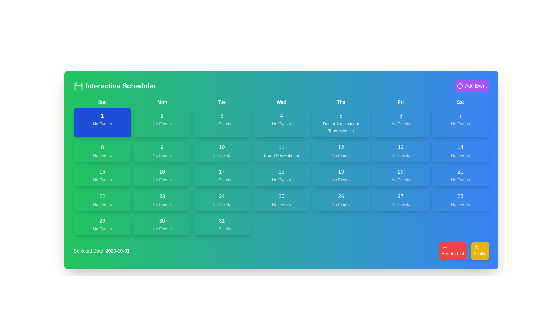  What do you see at coordinates (281, 171) in the screenshot?
I see `the text displaying the number '18' in the upper part of the calendar cell for October 18th, which is styled with a large font size and centered alignment` at bounding box center [281, 171].